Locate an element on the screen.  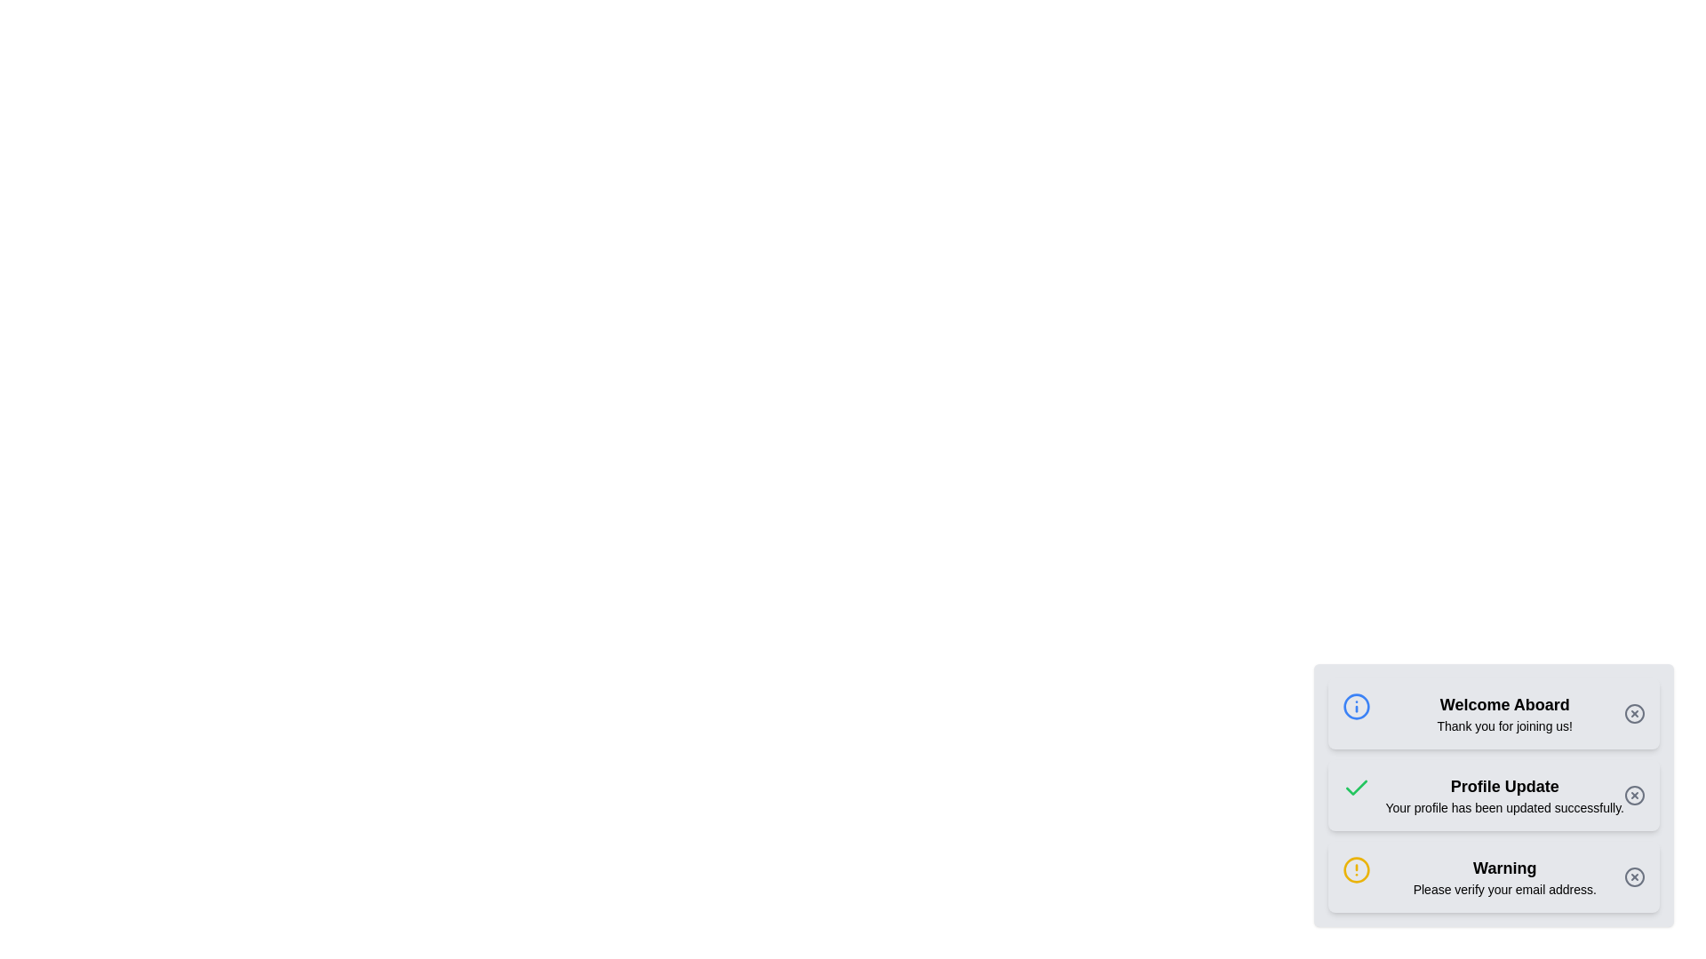
the 'Profile Update' text label displayed in bold, black font, located in the middle of the notification card in the second row is located at coordinates (1503, 786).